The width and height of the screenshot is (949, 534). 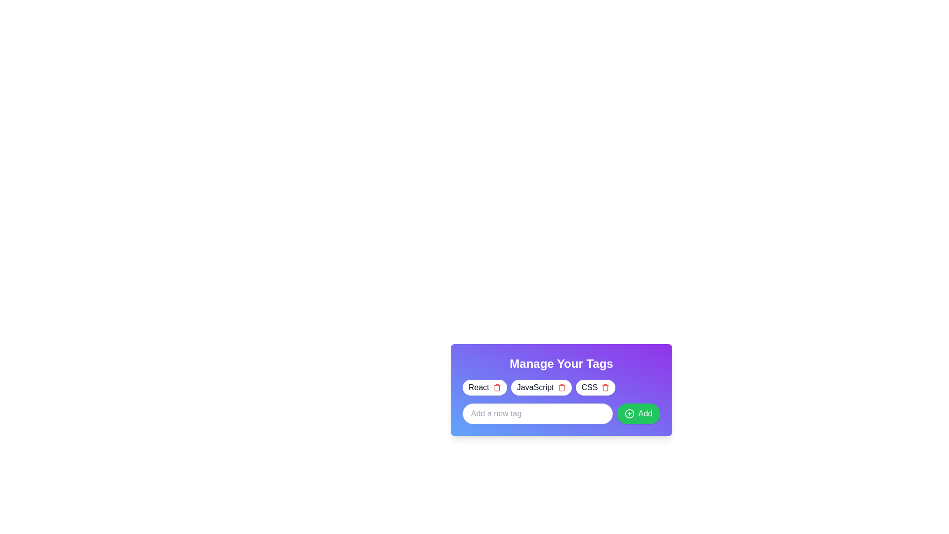 I want to click on the 'React' tag, which is the first item in the series of tags ('React', 'JavaScript', 'CSS') in the purple 'Manage Your Tags' section, so click(x=478, y=387).